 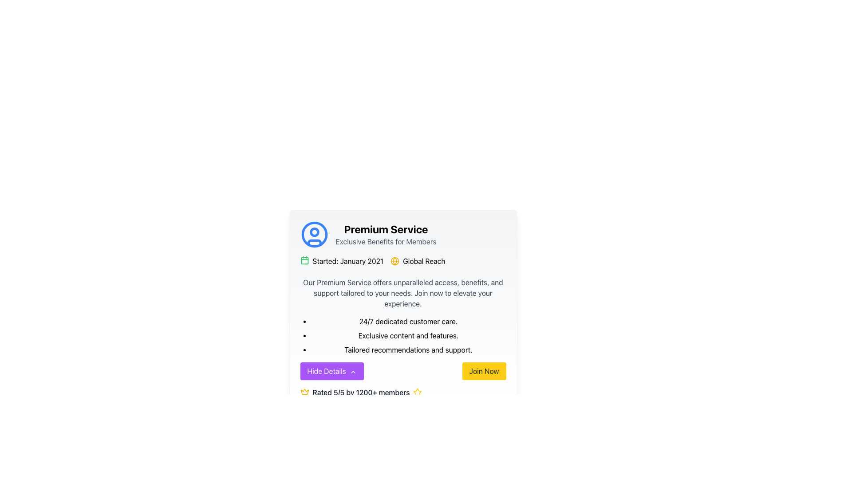 What do you see at coordinates (408, 322) in the screenshot?
I see `the static text element that reads '24/7 dedicated customer care.' which is the first item in a bullet-point list positioned in the central panel of the interface` at bounding box center [408, 322].